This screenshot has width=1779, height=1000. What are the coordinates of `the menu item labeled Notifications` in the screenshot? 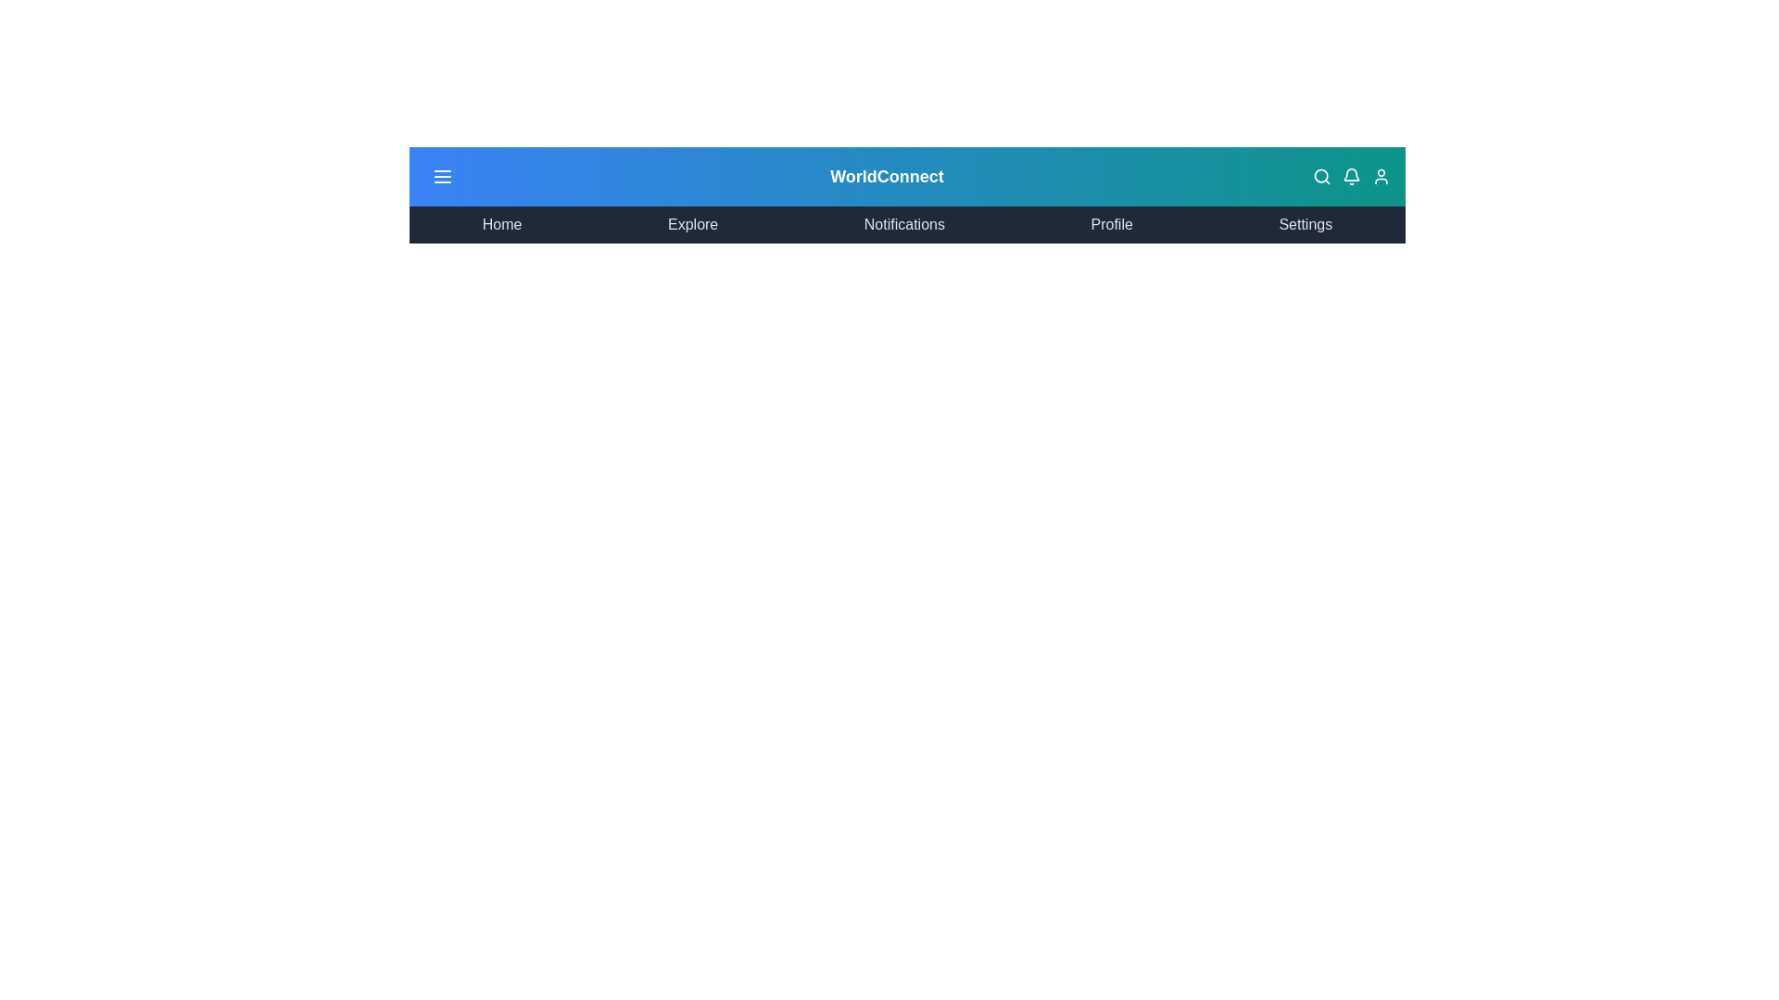 It's located at (903, 224).